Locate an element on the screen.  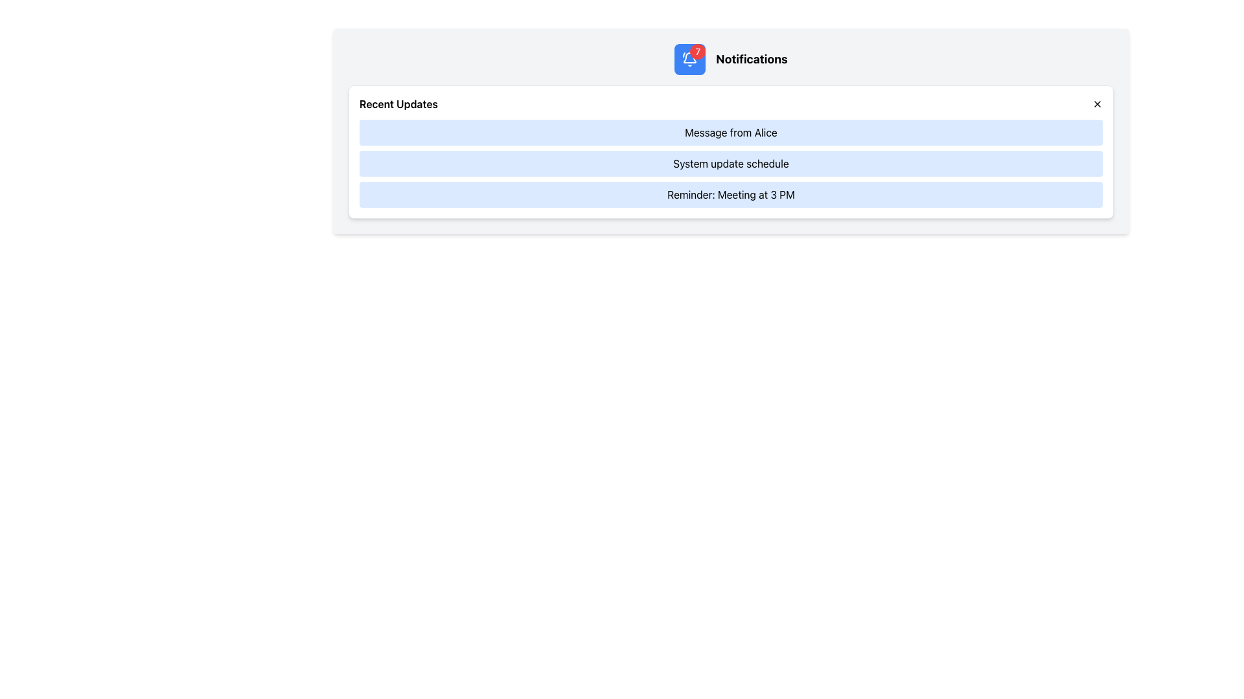
the notification section label located in the middle-right section of the header area, which is the last item in a horizontally aligned group of elements is located at coordinates (752, 60).